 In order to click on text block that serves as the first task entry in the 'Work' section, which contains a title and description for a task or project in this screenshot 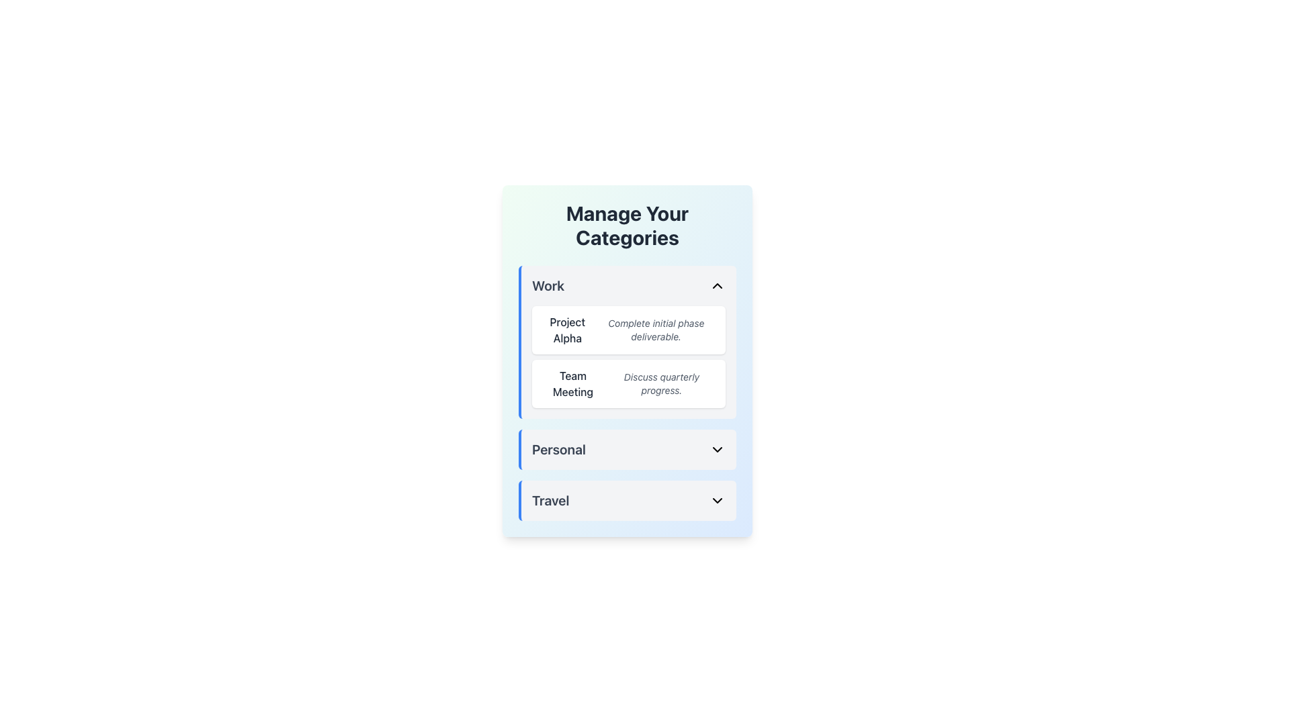, I will do `click(628, 330)`.